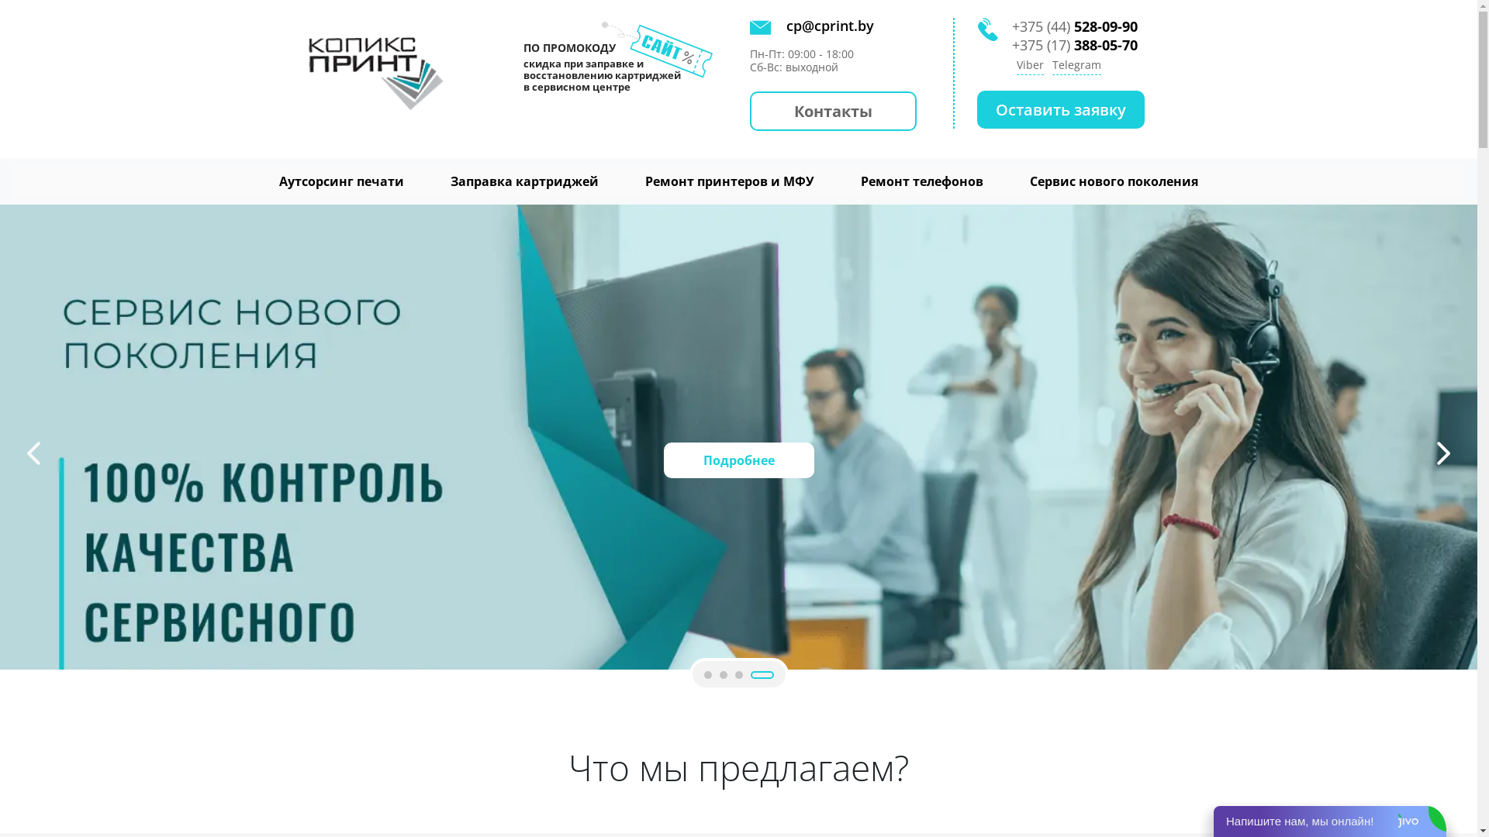 This screenshot has width=1489, height=837. What do you see at coordinates (1074, 44) in the screenshot?
I see `'+375 (17) 388-05-70'` at bounding box center [1074, 44].